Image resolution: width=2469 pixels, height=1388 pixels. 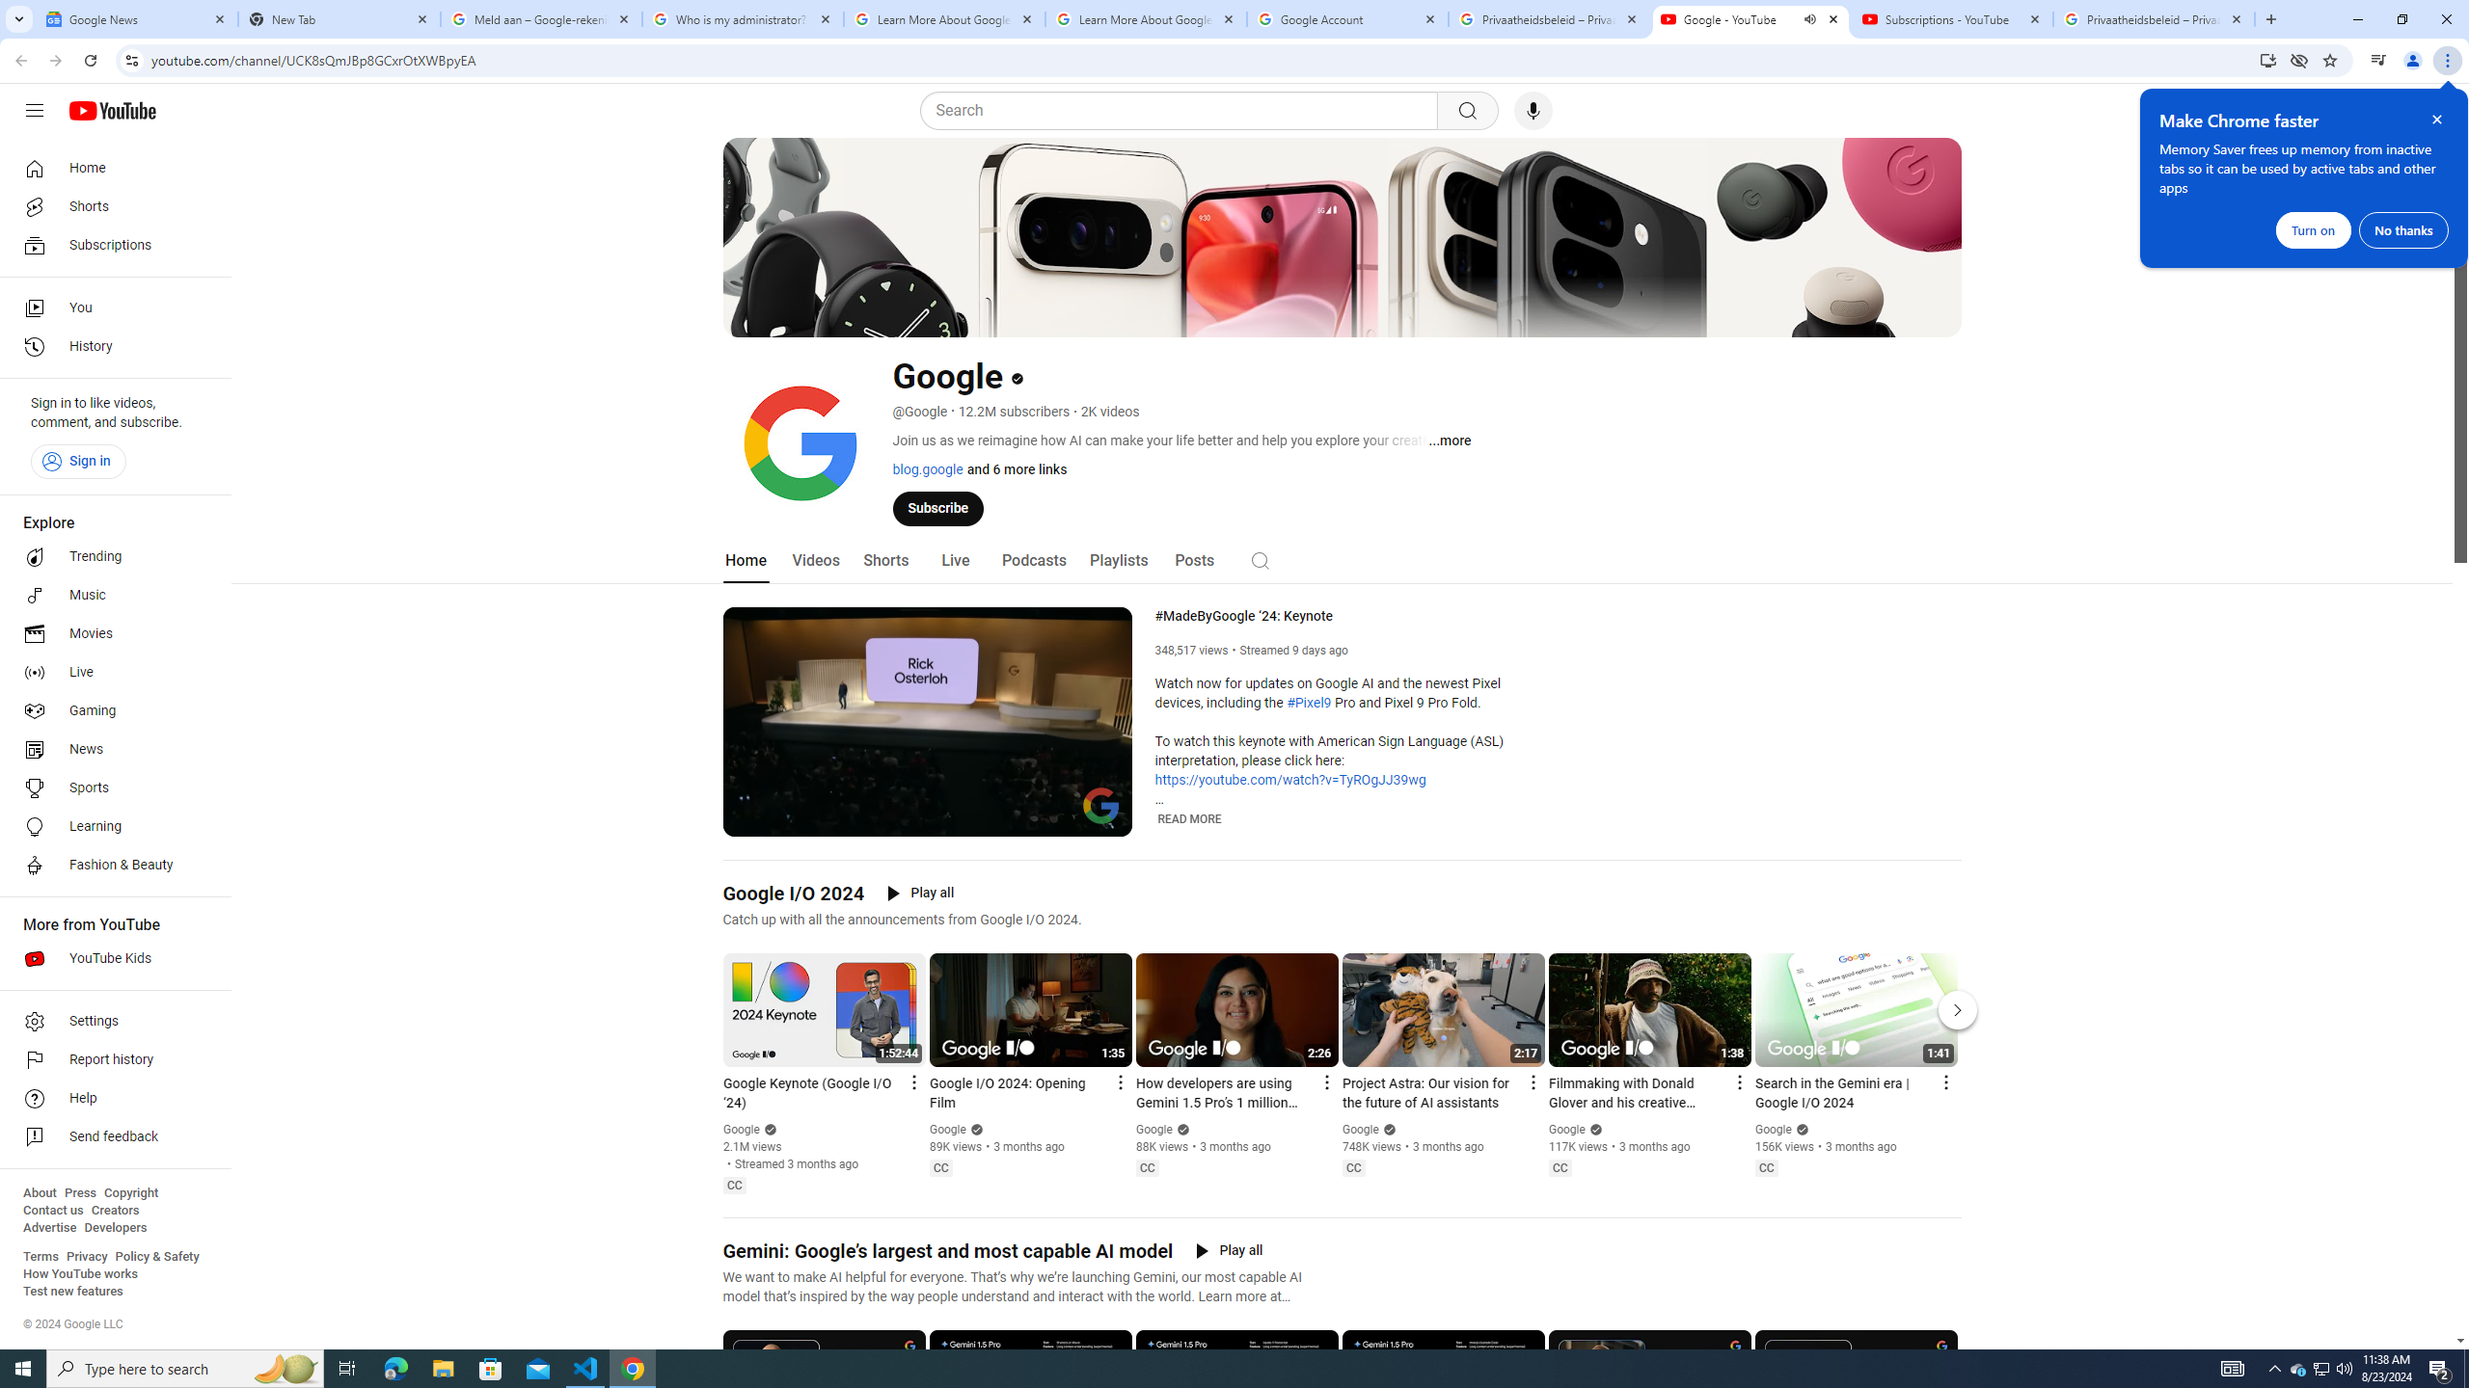 What do you see at coordinates (1950, 18) in the screenshot?
I see `'Subscriptions - YouTube'` at bounding box center [1950, 18].